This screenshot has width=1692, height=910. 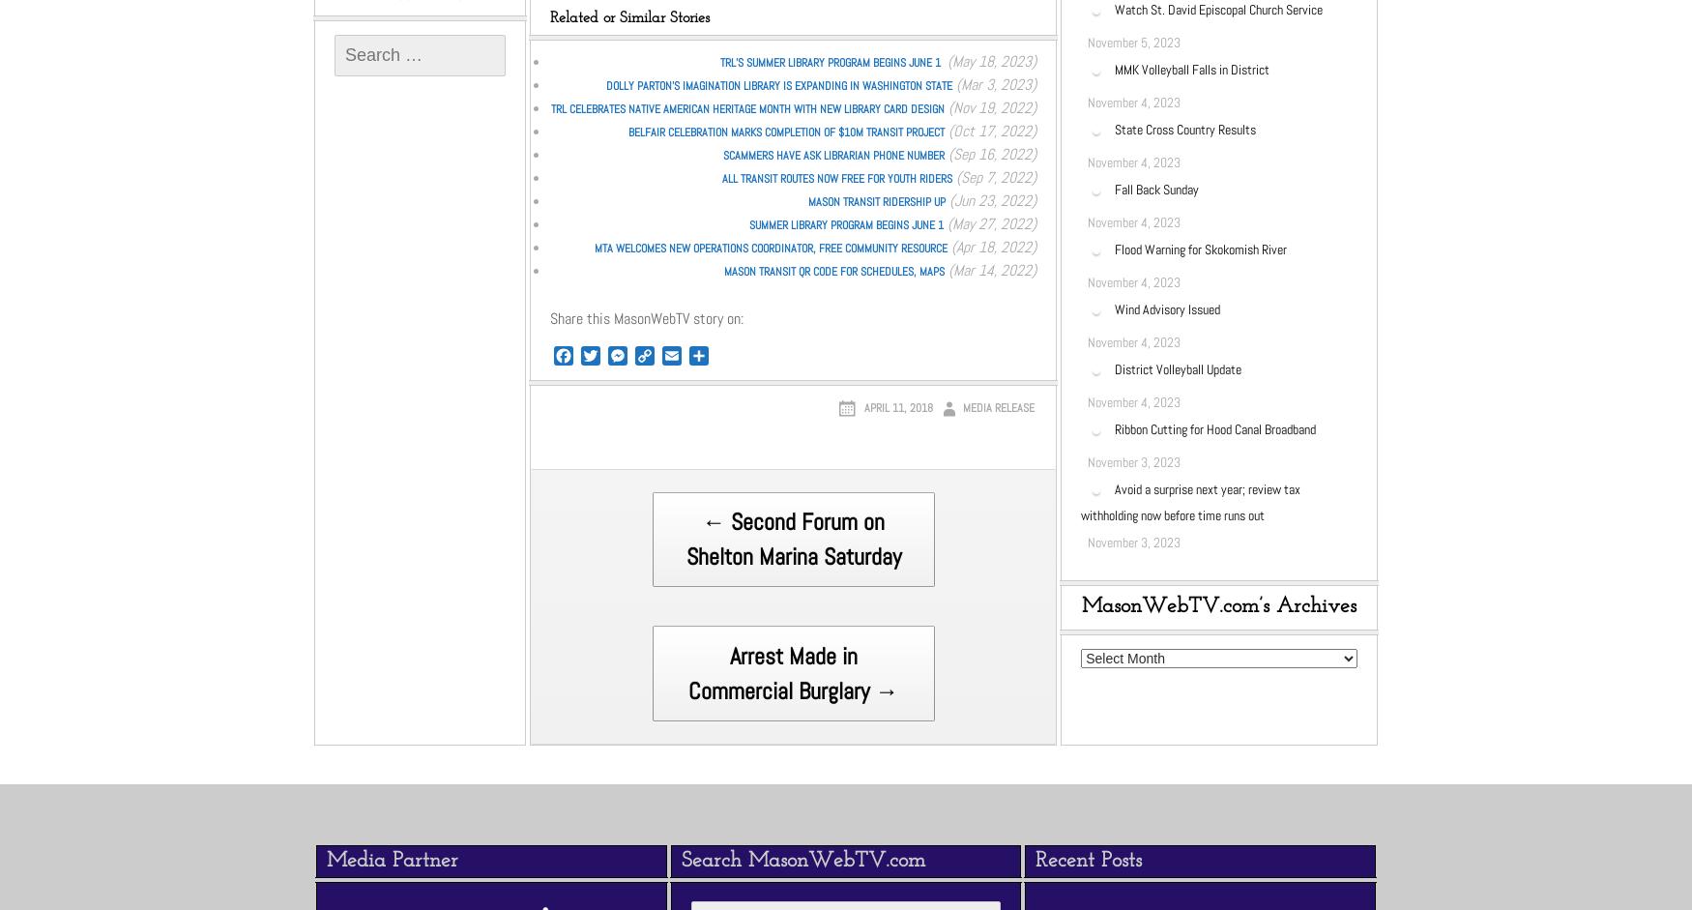 What do you see at coordinates (946, 199) in the screenshot?
I see `'(Jun 23, 2022)'` at bounding box center [946, 199].